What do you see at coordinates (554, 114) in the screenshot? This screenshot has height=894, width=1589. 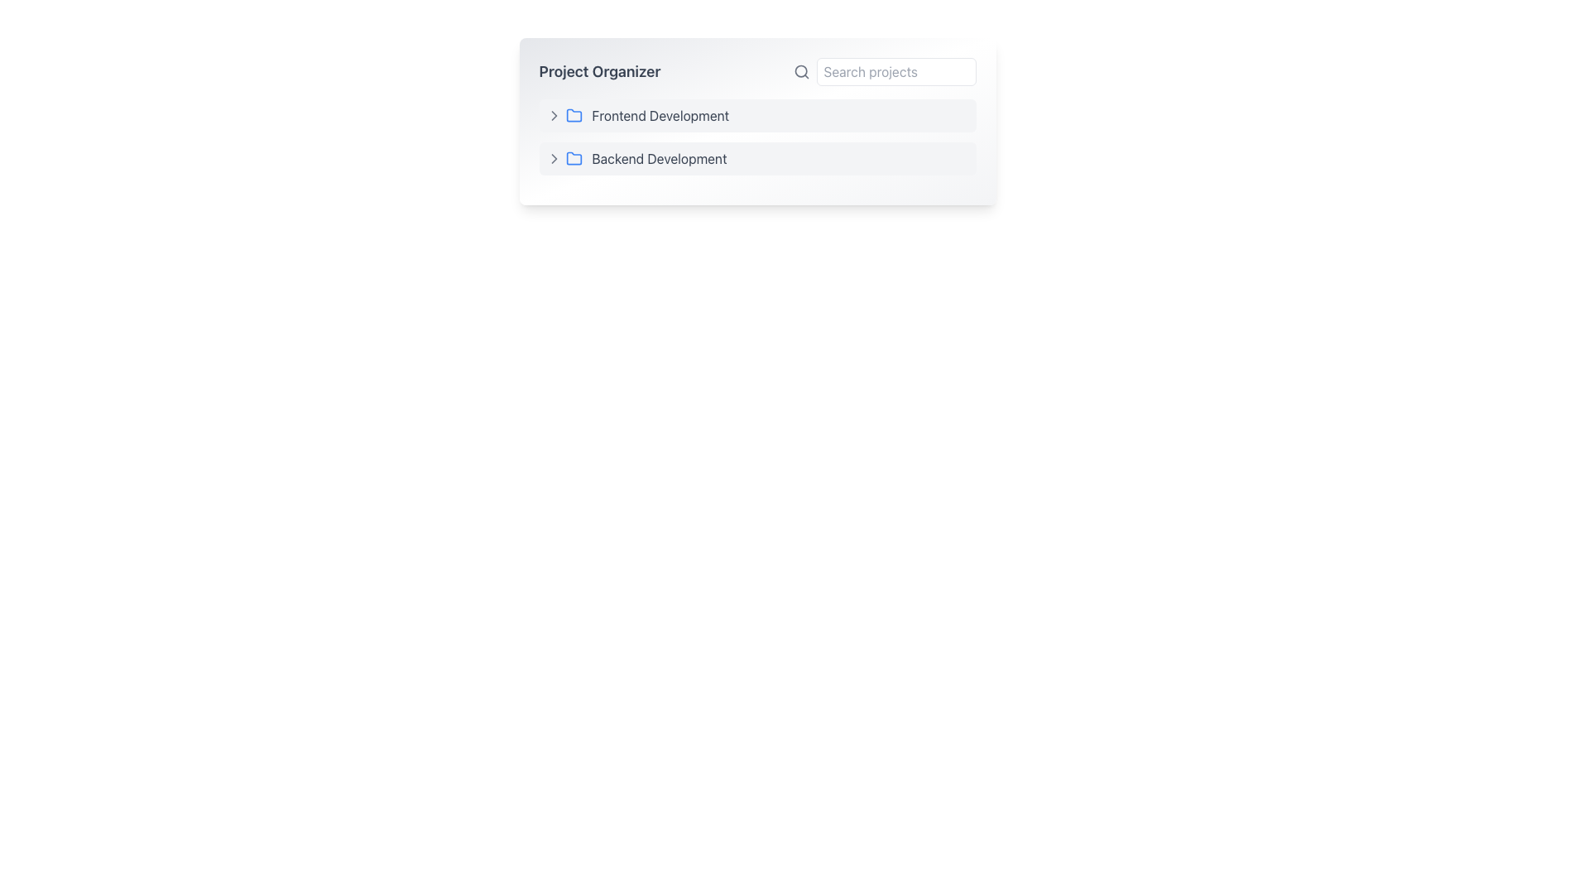 I see `the chevron icon indicating the expand/collapse functionality for the 'Frontend Development' section` at bounding box center [554, 114].